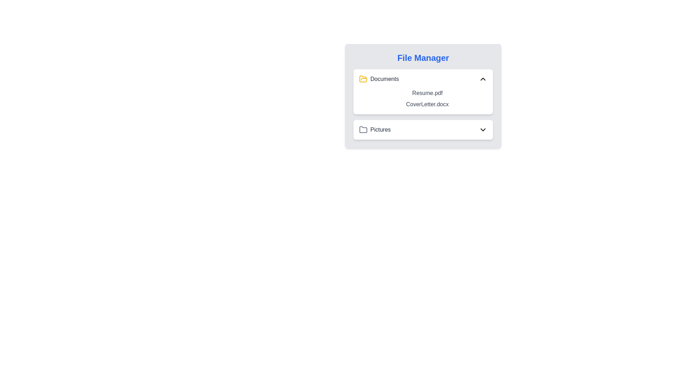  I want to click on the decorative folder icon that represents the 'Documents' group in the file manager interface, located at the top-left part of the 'File Manager' pane, so click(363, 79).